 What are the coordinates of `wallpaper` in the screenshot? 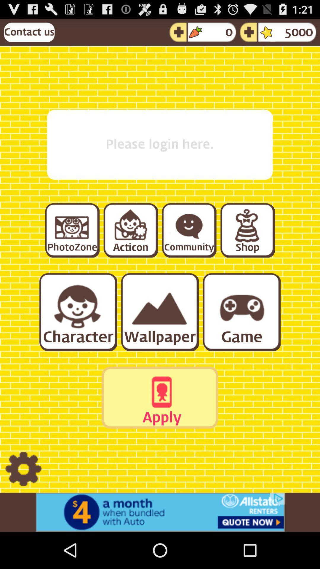 It's located at (159, 311).